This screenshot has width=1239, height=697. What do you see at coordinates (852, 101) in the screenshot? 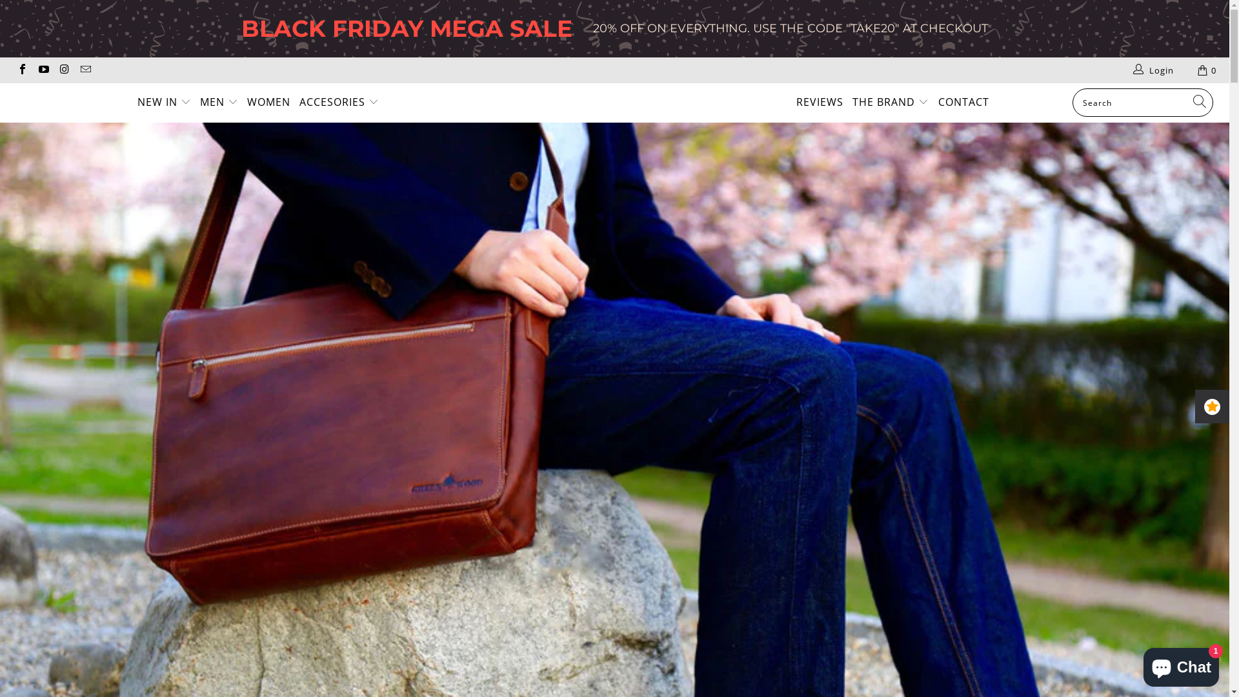
I see `'THE BRAND'` at bounding box center [852, 101].